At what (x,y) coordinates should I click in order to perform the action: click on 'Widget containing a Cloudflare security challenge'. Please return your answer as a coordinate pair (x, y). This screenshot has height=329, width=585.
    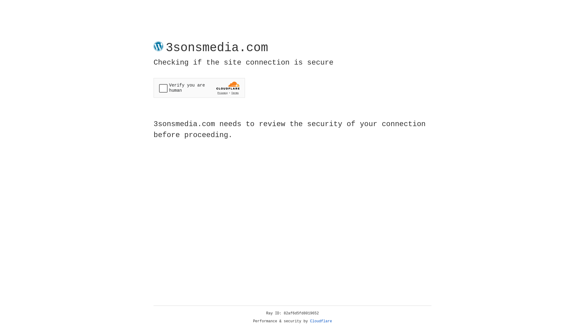
    Looking at the image, I should click on (199, 88).